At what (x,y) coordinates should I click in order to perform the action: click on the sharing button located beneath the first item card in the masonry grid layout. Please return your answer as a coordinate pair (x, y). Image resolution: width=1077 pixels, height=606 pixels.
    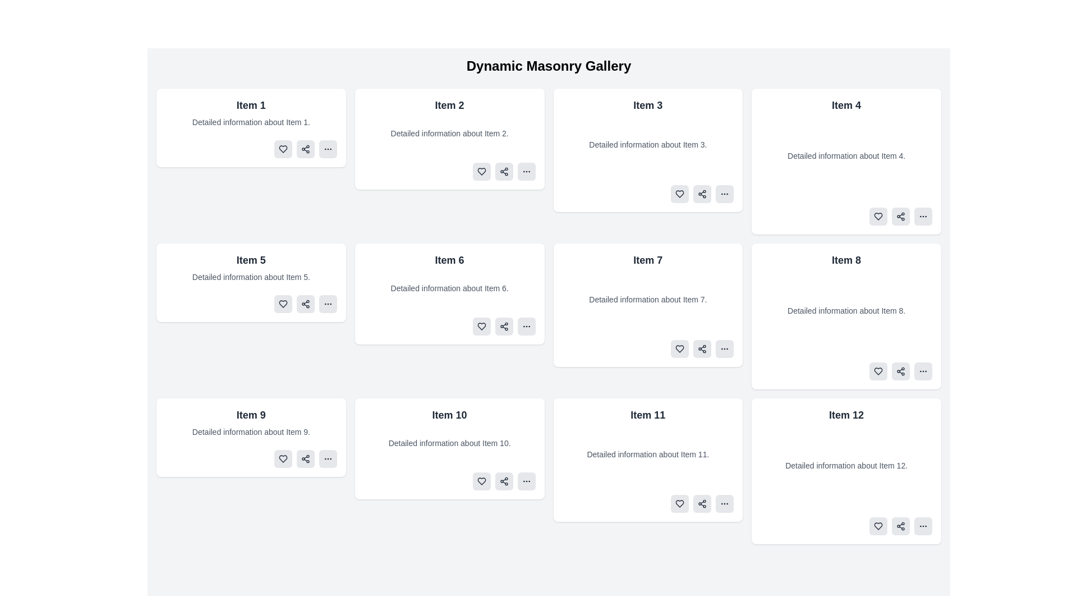
    Looking at the image, I should click on (305, 149).